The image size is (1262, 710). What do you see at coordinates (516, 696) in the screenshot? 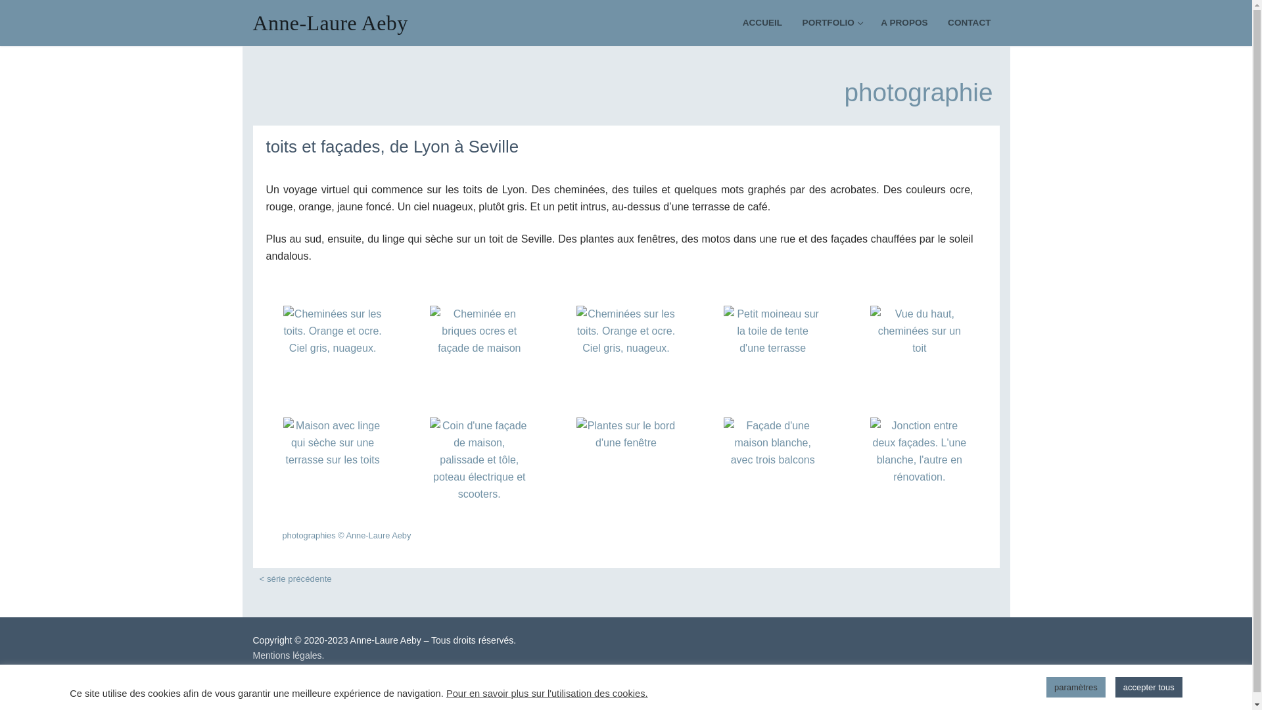
I see `'Terms of Service'` at bounding box center [516, 696].